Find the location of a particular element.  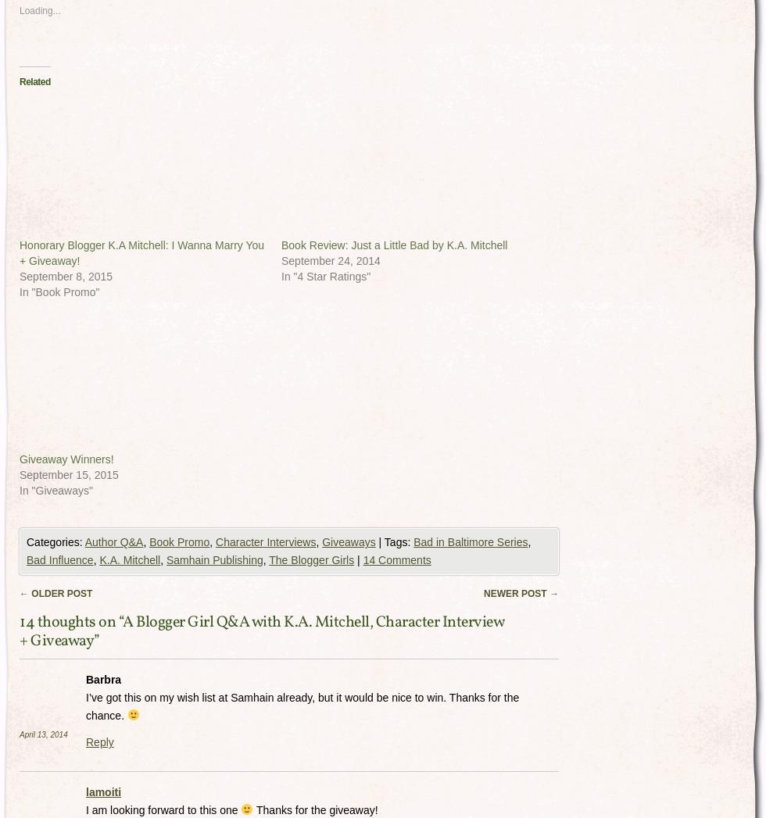

'Character Interviews' is located at coordinates (265, 541).